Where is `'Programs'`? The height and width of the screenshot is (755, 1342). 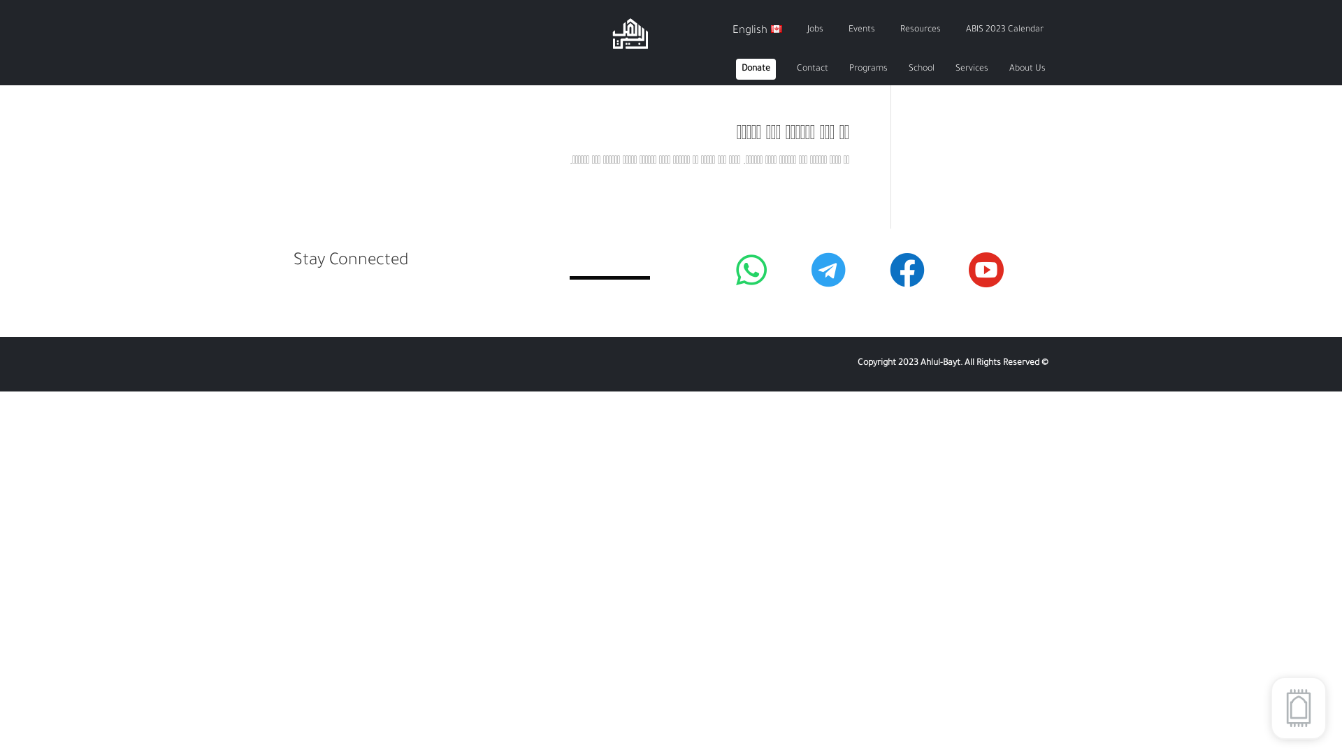
'Programs' is located at coordinates (867, 69).